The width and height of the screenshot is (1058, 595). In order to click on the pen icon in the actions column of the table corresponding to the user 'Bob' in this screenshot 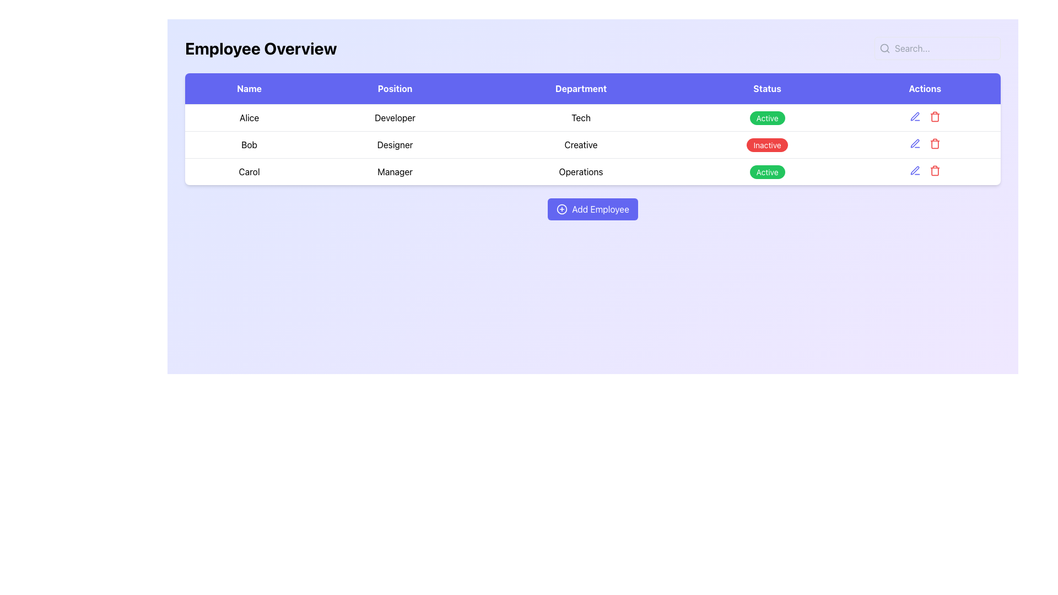, I will do `click(915, 116)`.